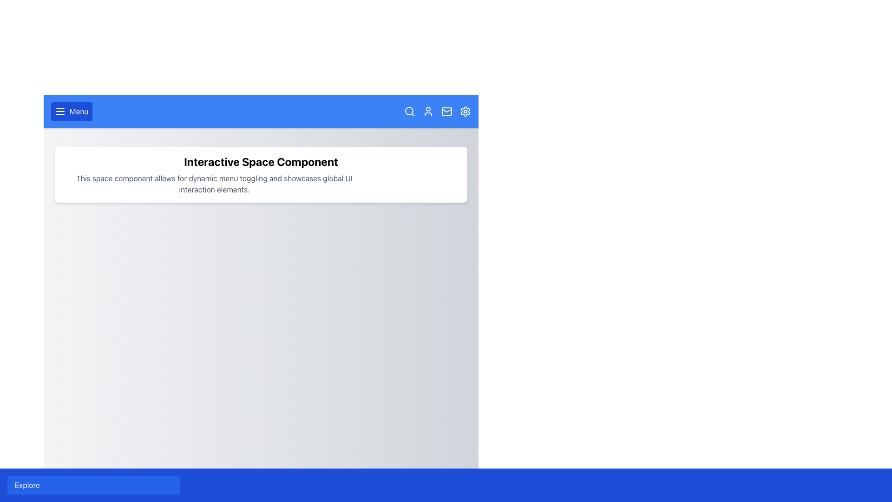 Image resolution: width=892 pixels, height=502 pixels. Describe the element at coordinates (446, 109) in the screenshot. I see `the diagonal stroke of the envelope icon located in the top-right corner of the navigation bar` at that location.